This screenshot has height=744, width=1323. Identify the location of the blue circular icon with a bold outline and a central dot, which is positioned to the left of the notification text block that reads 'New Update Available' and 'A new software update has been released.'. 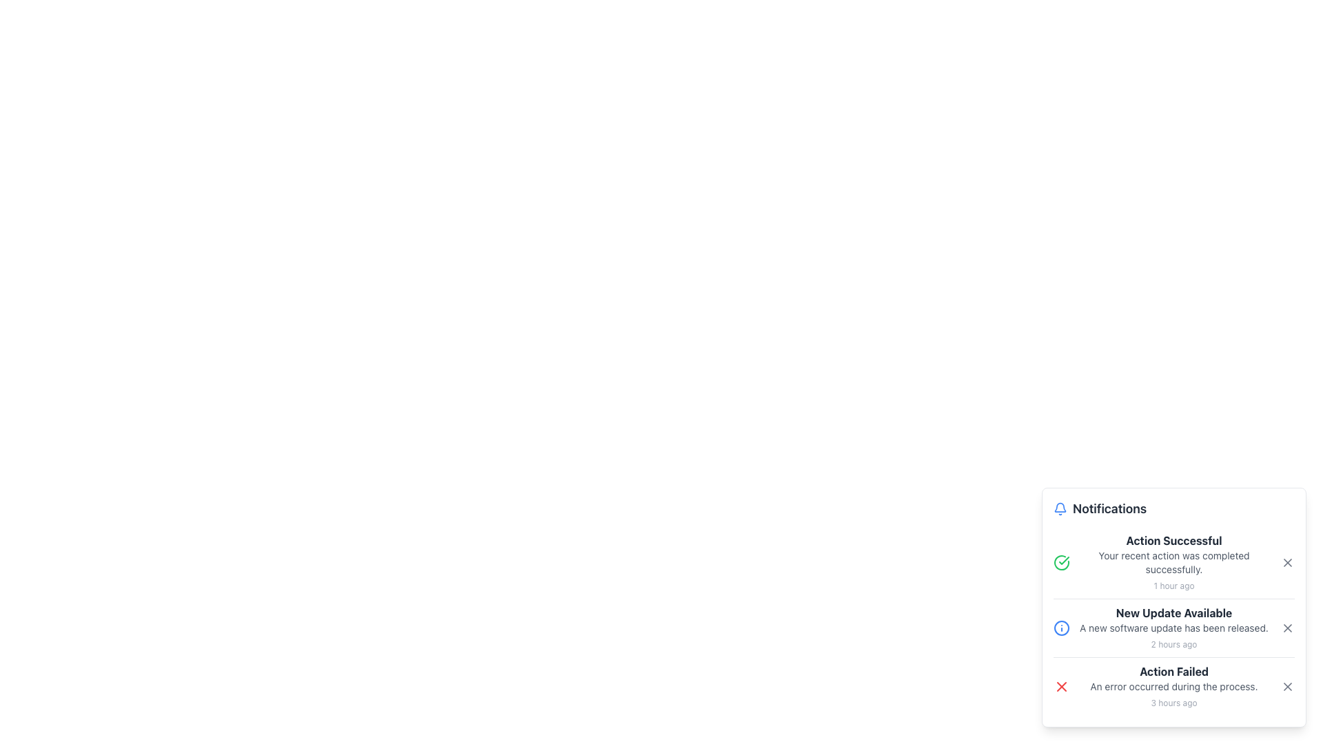
(1060, 628).